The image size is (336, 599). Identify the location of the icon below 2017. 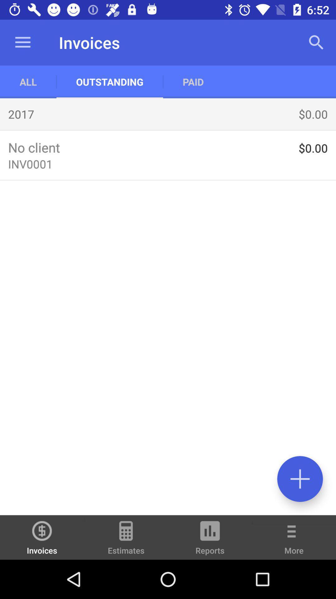
(168, 130).